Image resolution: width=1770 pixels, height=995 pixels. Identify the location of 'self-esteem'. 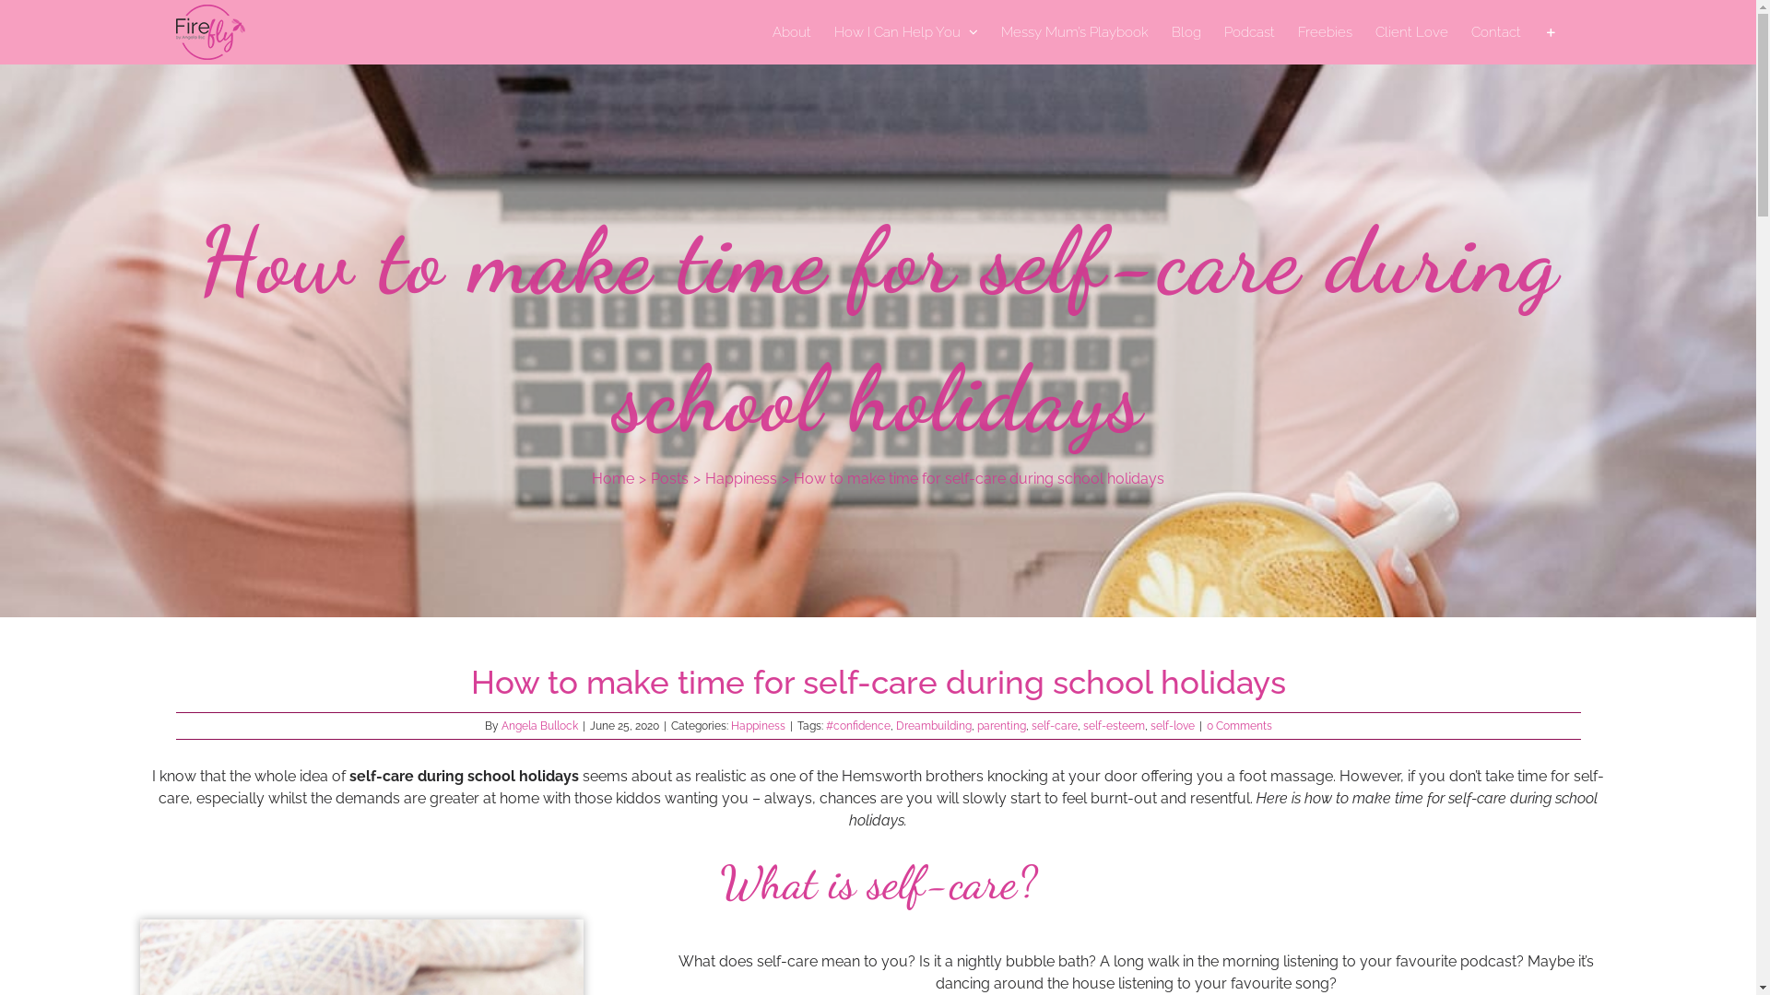
(1112, 724).